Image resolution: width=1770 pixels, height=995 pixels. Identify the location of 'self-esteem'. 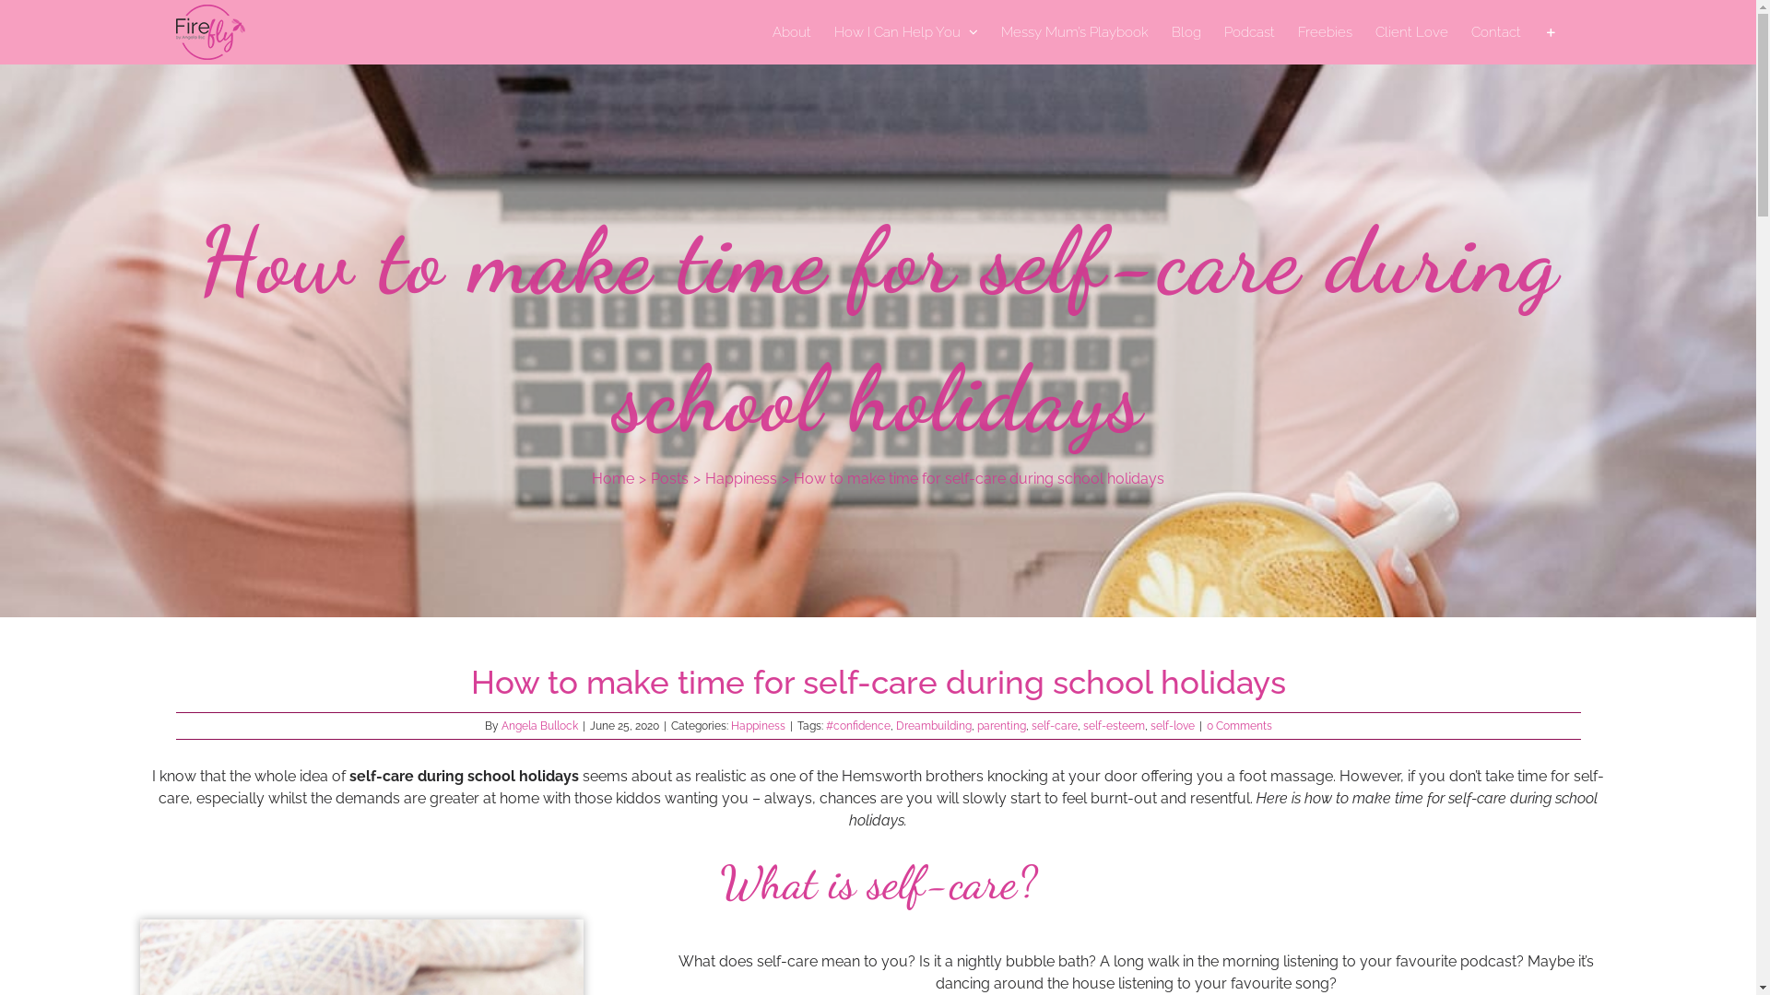
(1112, 724).